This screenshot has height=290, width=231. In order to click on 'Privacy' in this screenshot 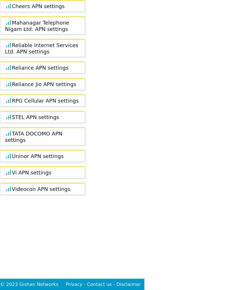, I will do `click(66, 284)`.